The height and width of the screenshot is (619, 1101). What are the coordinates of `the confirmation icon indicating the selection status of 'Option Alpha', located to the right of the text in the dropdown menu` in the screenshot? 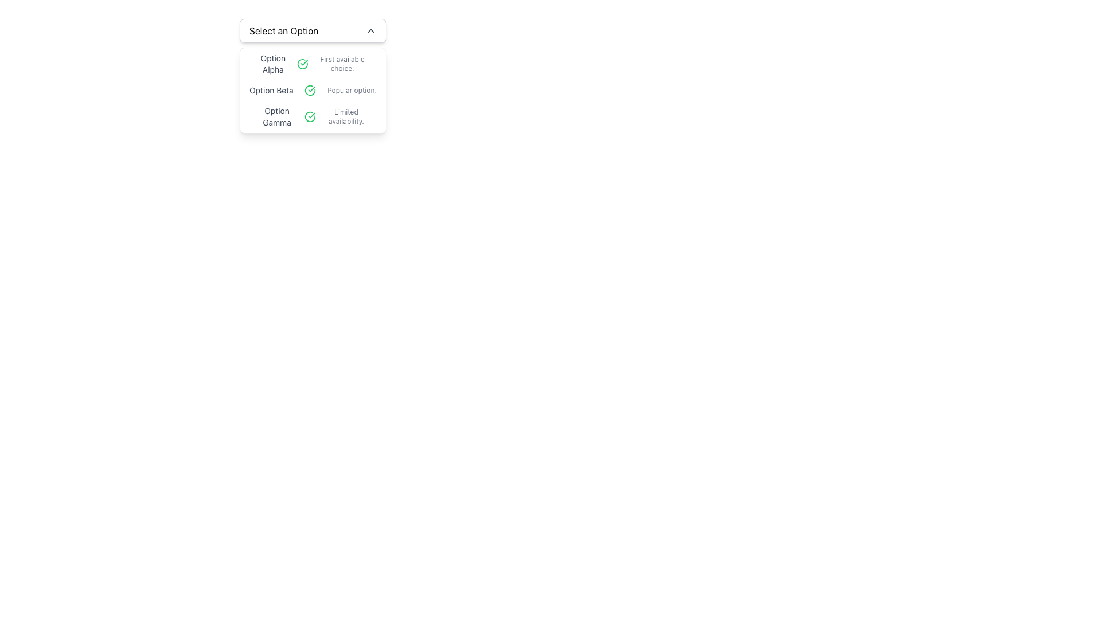 It's located at (302, 64).